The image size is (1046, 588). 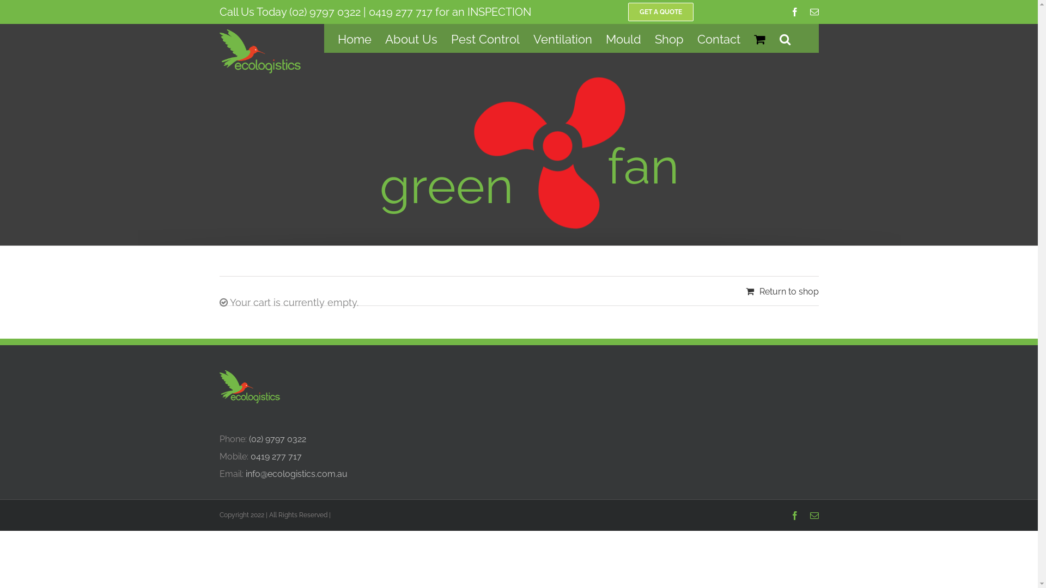 I want to click on 'Search', so click(x=784, y=38).